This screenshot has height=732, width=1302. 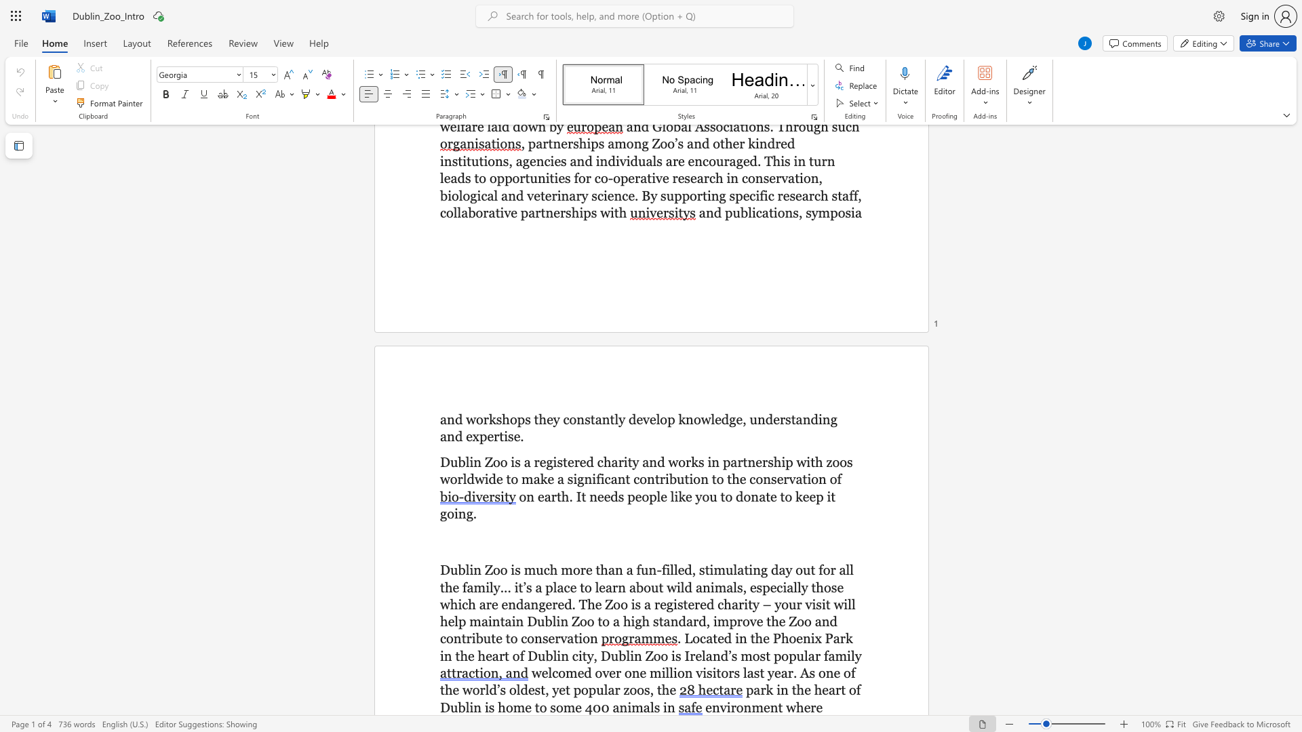 I want to click on the subset text "in Zoo is much more than a" within the text "Dublin Zoo is much more than a fun-filled, stimulating day out for all the family...", so click(x=469, y=570).